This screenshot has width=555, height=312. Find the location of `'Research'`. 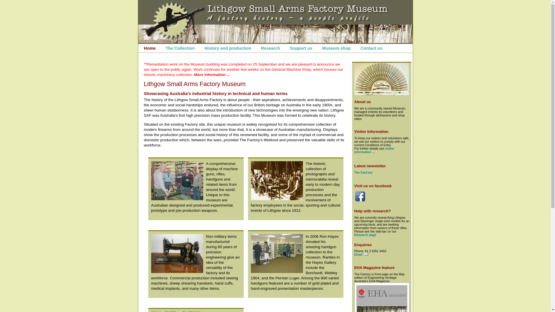

'Research' is located at coordinates (270, 48).